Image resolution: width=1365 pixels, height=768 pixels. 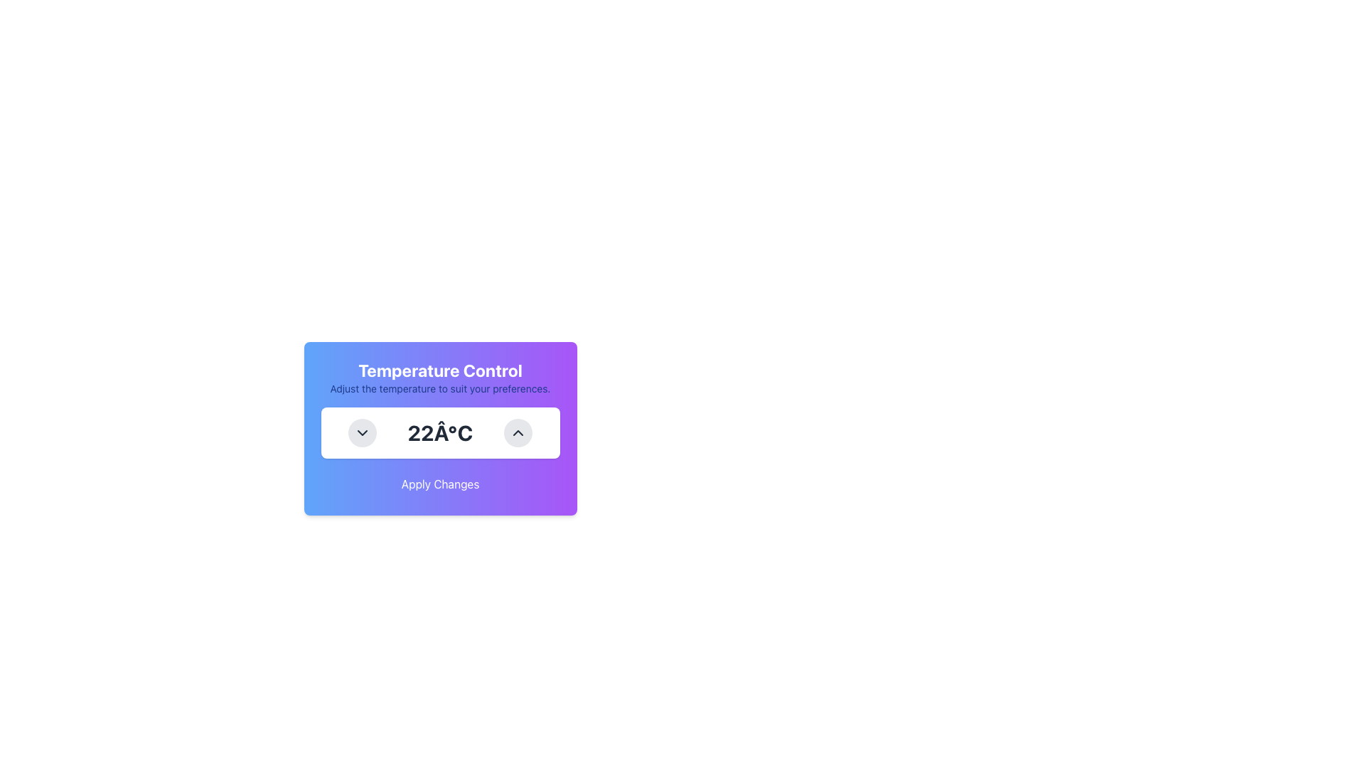 I want to click on the temperature decrease button located on the left side of the temperature control panel, so click(x=362, y=432).